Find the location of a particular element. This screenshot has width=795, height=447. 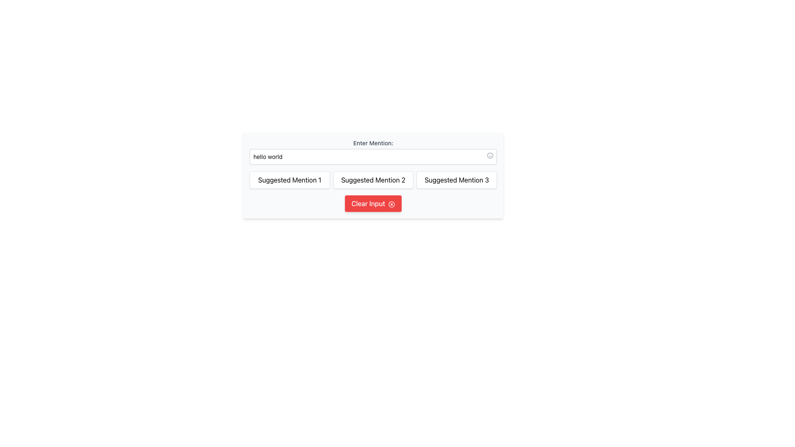

the SVG circle element located at the top-right corner of a box, which serves as part of an icon and is visually decorative is located at coordinates (490, 155).